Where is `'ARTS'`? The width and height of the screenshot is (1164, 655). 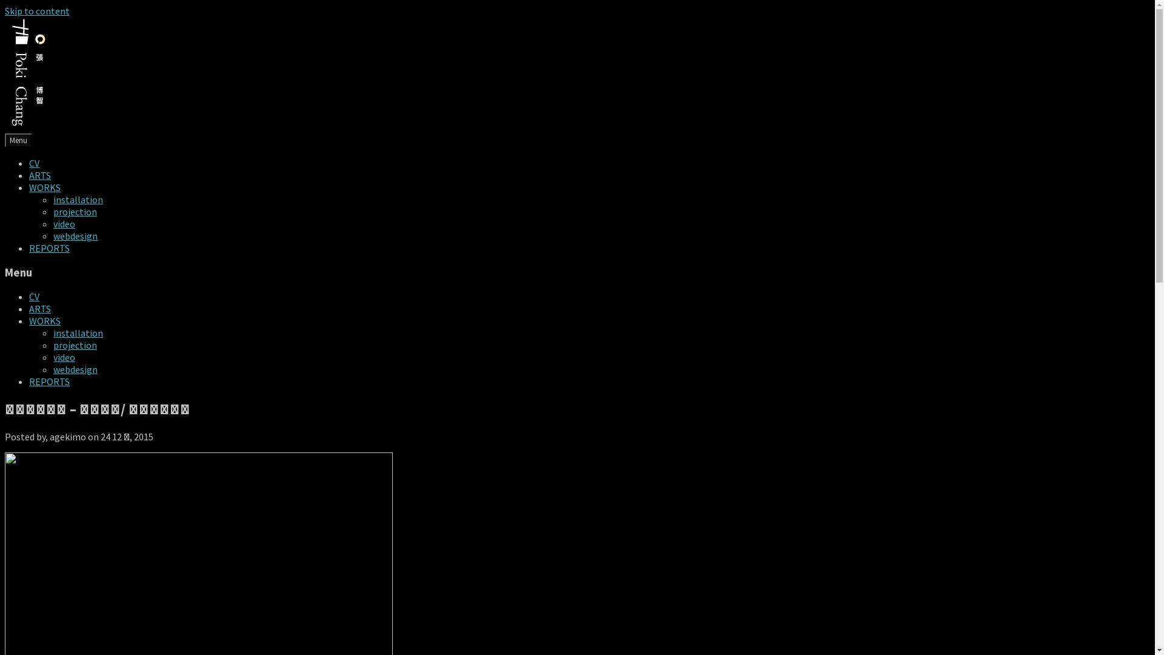 'ARTS' is located at coordinates (29, 308).